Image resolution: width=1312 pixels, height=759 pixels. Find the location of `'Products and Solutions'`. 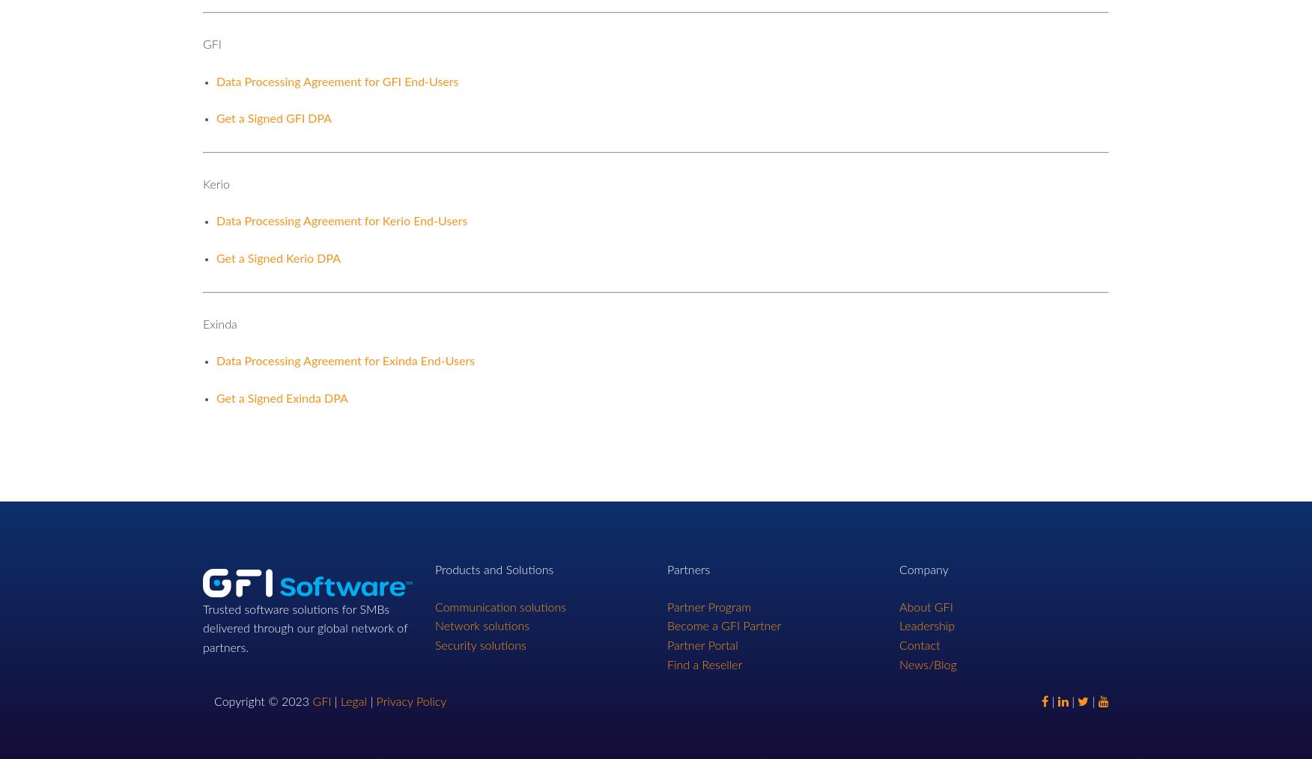

'Products and Solutions' is located at coordinates (434, 570).